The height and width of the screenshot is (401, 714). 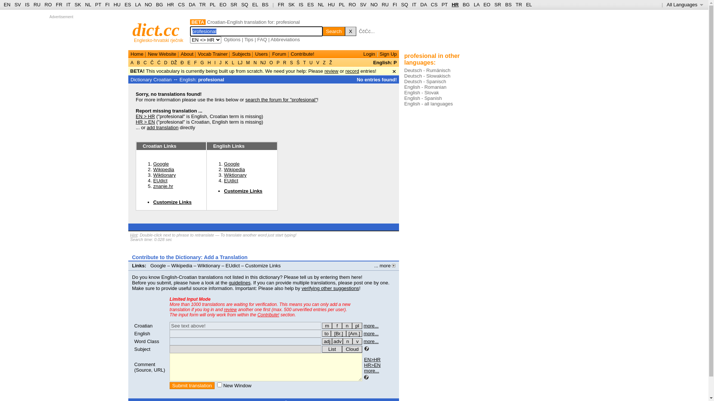 What do you see at coordinates (271, 62) in the screenshot?
I see `'O'` at bounding box center [271, 62].